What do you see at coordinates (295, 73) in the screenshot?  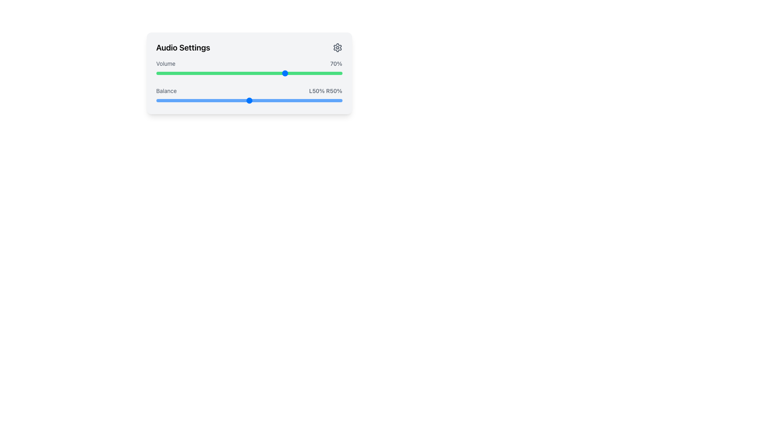 I see `volume` at bounding box center [295, 73].